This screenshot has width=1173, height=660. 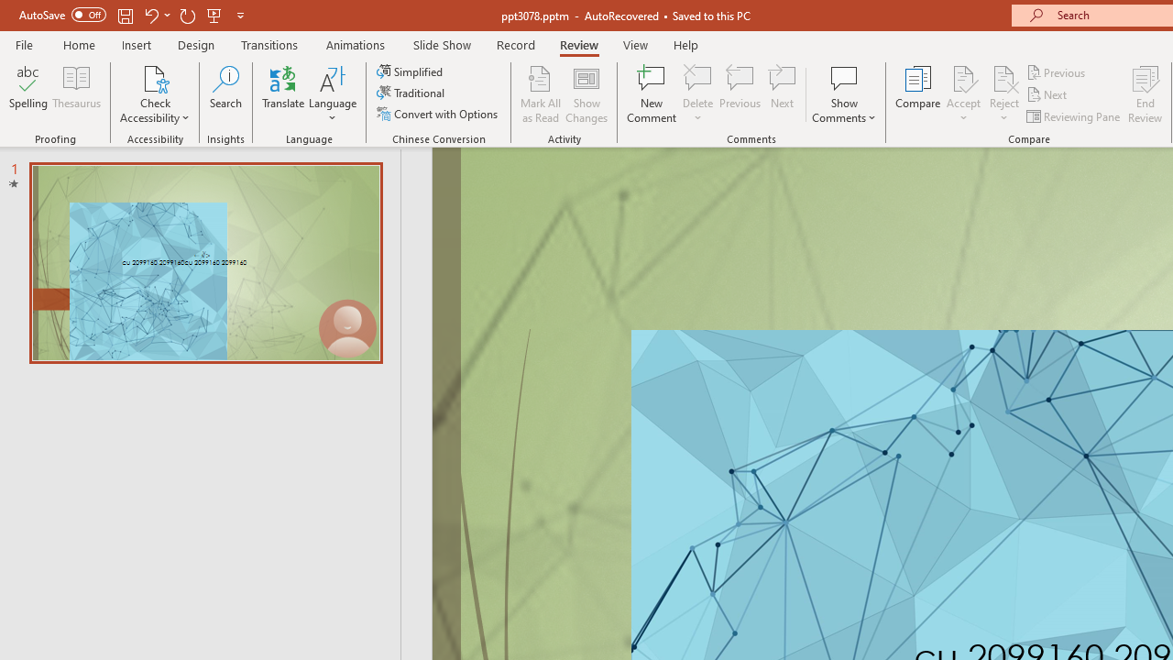 What do you see at coordinates (136, 44) in the screenshot?
I see `'Insert'` at bounding box center [136, 44].